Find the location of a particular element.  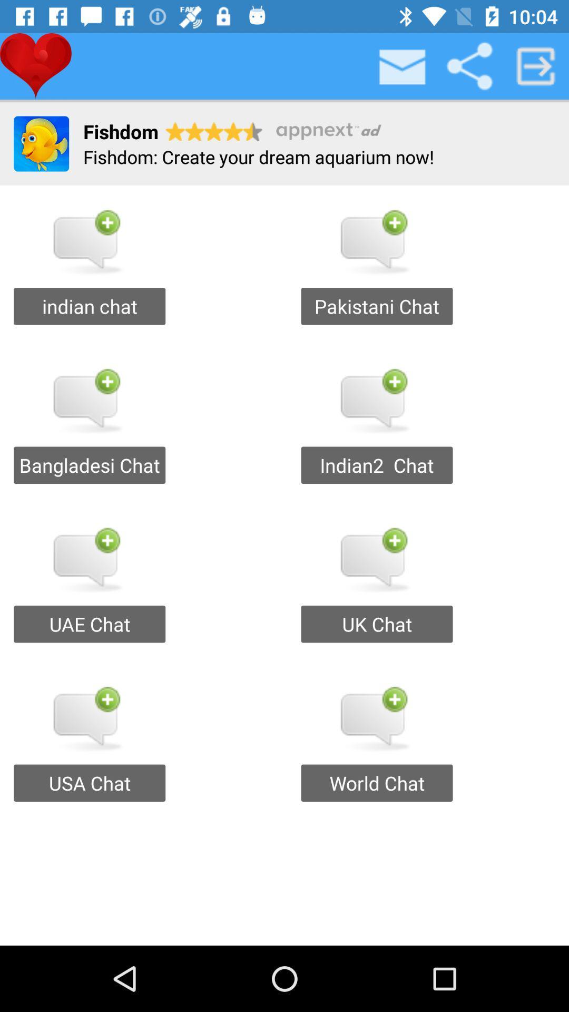

inbox is located at coordinates (403, 65).